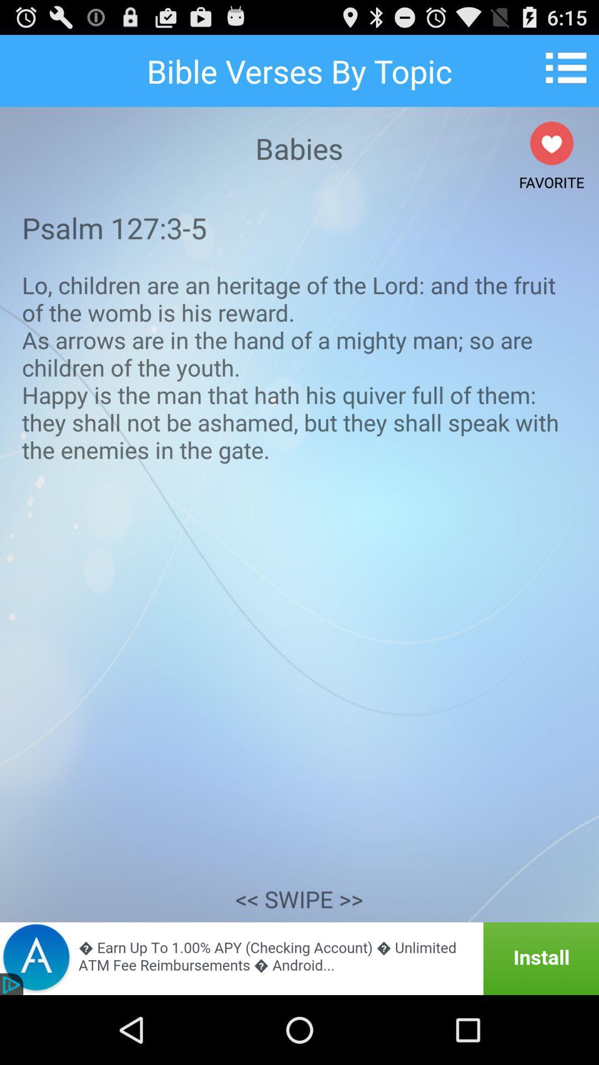  Describe the element at coordinates (570, 72) in the screenshot. I see `the list icon` at that location.